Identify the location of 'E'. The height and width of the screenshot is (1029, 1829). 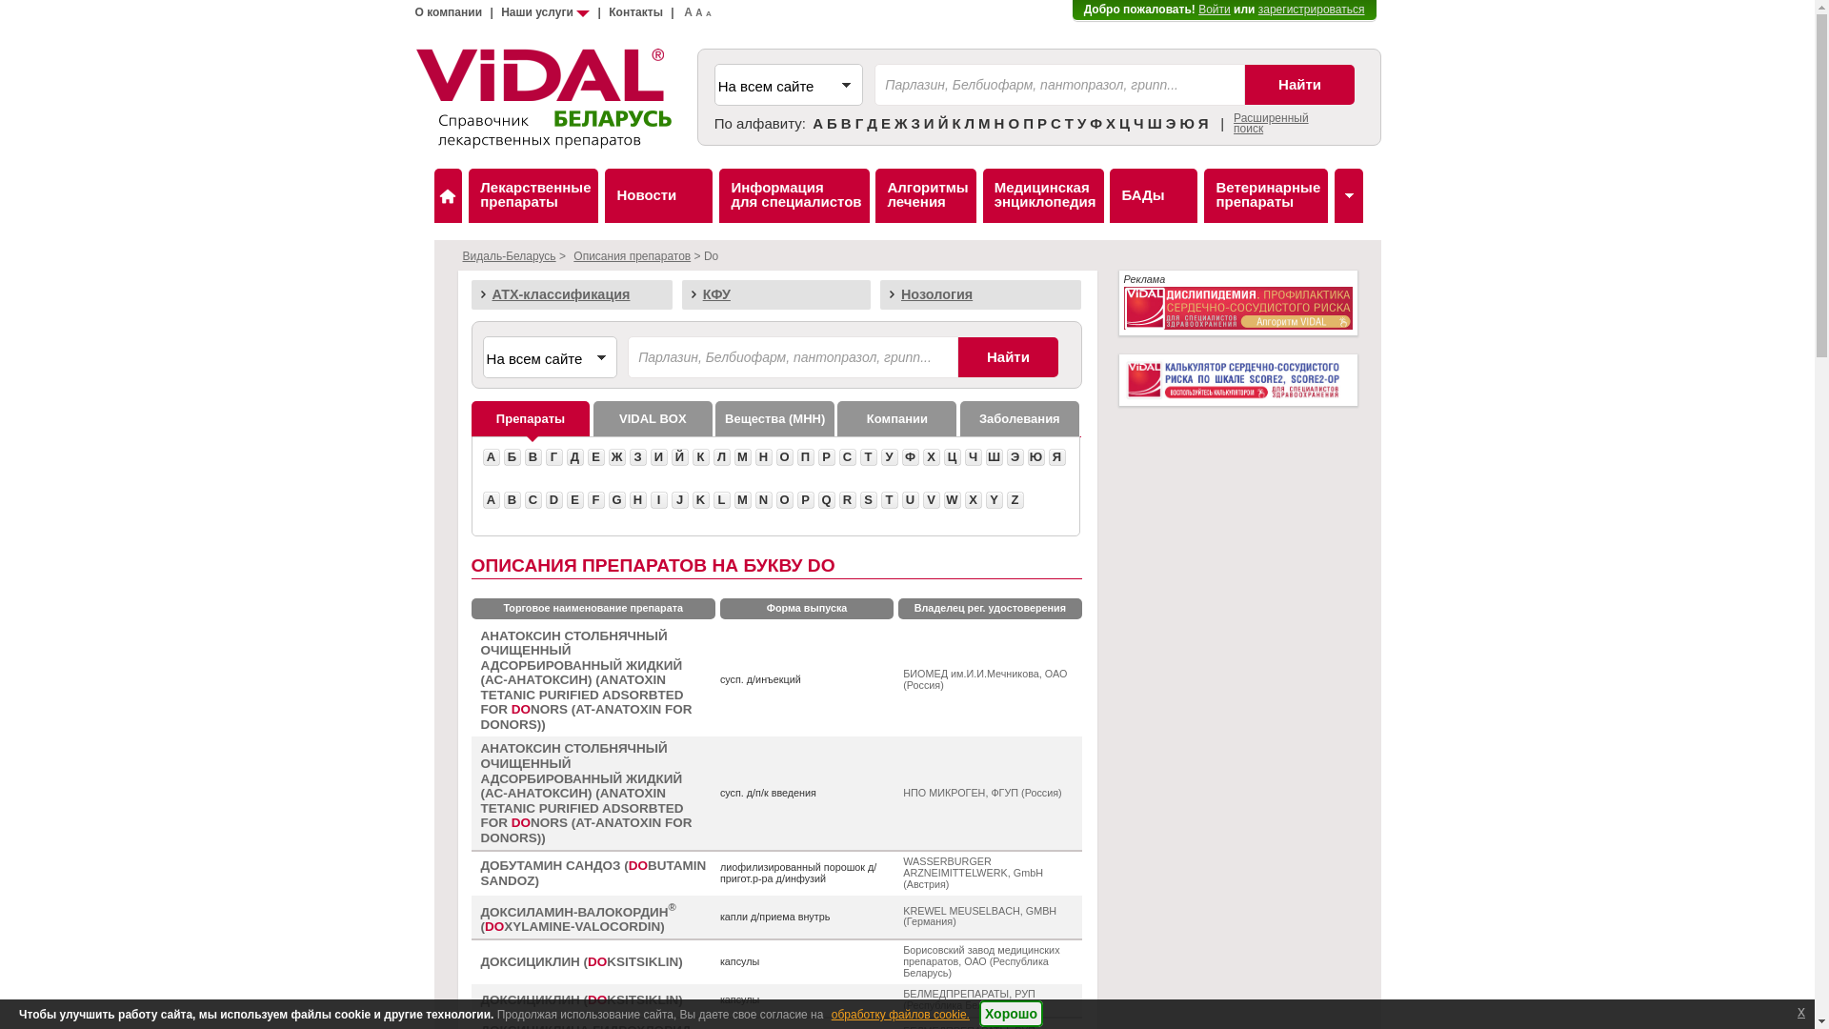
(573, 498).